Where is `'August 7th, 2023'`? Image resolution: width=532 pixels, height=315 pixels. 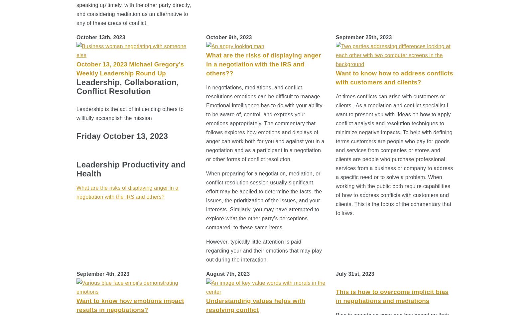
'August 7th, 2023' is located at coordinates (206, 274).